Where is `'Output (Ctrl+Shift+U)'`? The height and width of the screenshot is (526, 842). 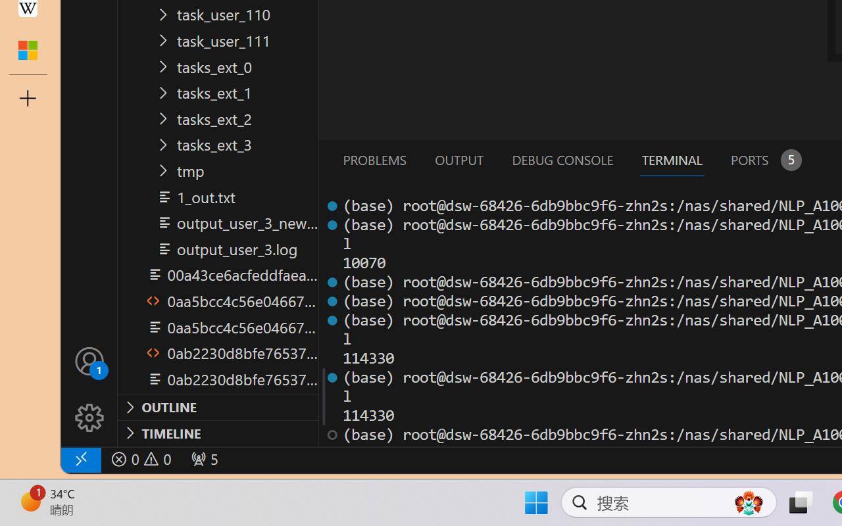
'Output (Ctrl+Shift+U)' is located at coordinates (458, 159).